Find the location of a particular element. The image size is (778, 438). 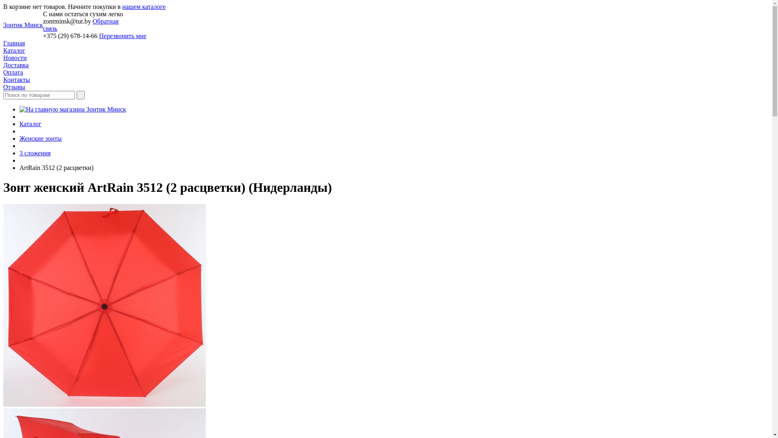

' ' is located at coordinates (76, 94).